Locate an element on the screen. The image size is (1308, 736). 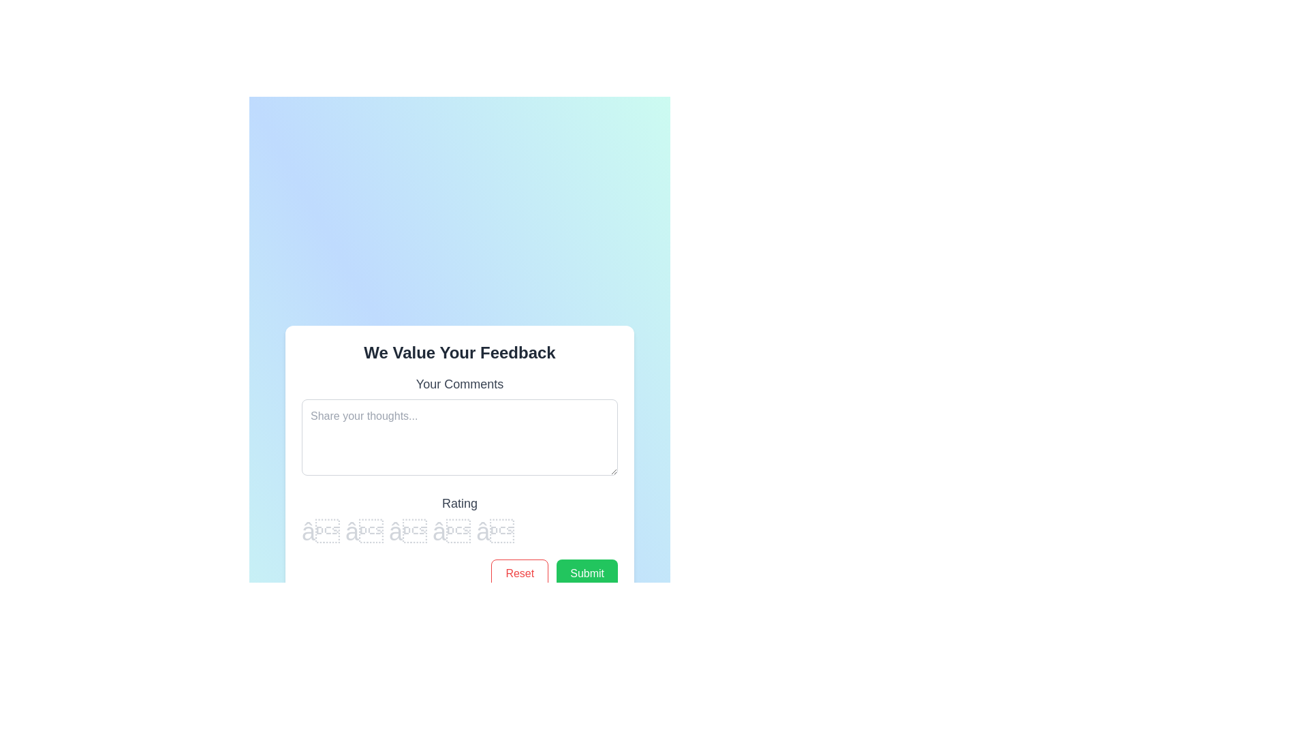
the first star-shaped button in the Rating section, which is displayed in light gray and turns yellow when hovered over is located at coordinates (320, 531).